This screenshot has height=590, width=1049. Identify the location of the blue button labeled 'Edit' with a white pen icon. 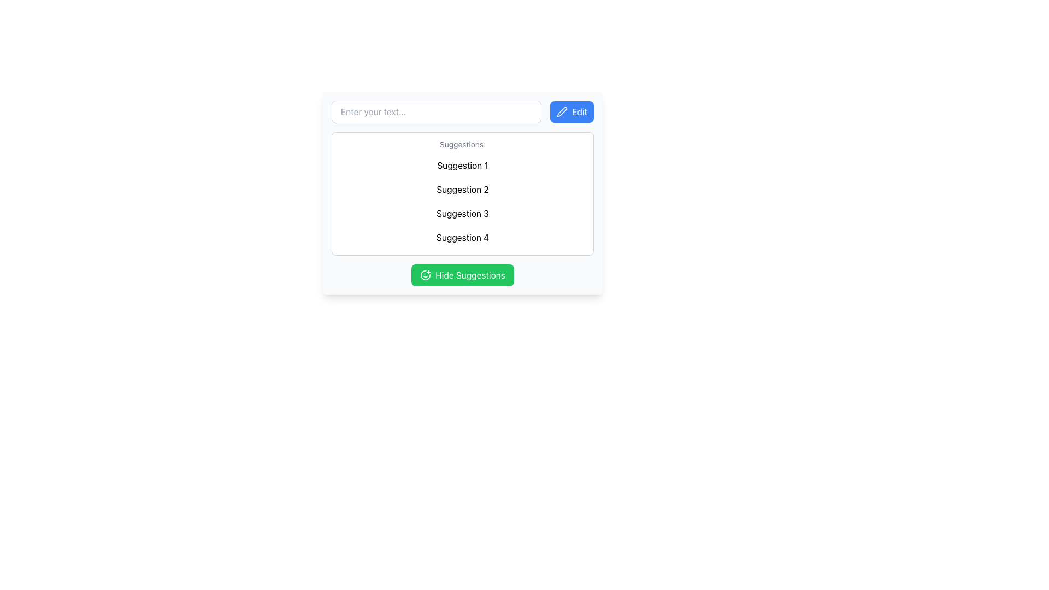
(571, 111).